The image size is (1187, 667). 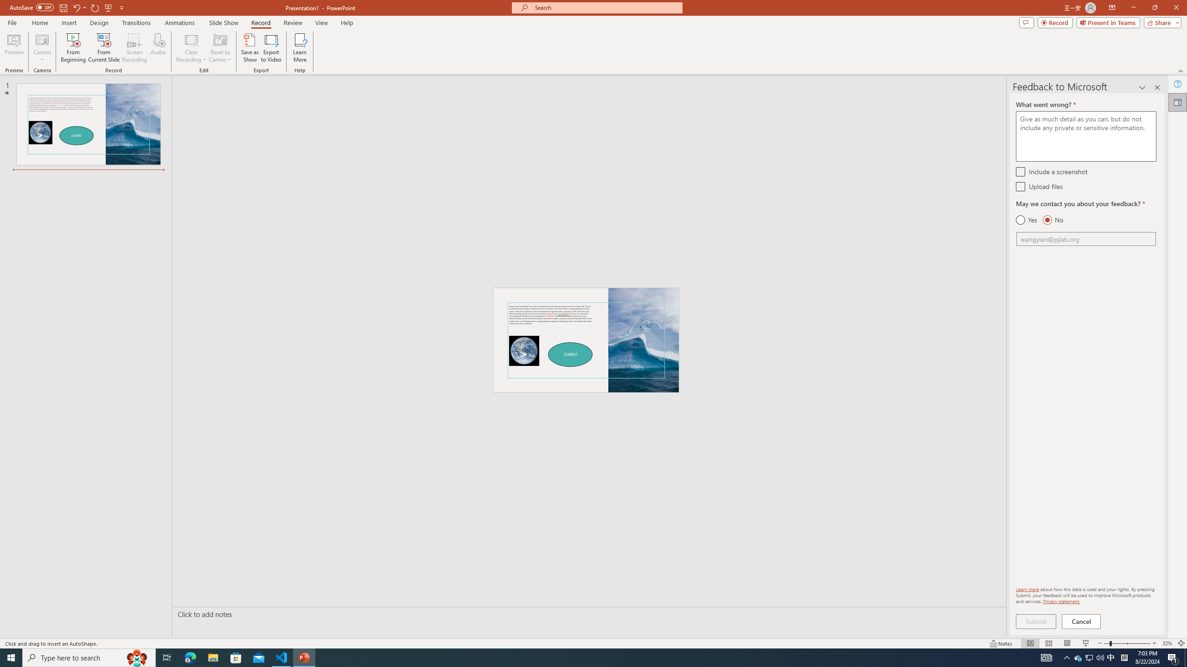 What do you see at coordinates (1177, 83) in the screenshot?
I see `'Help'` at bounding box center [1177, 83].